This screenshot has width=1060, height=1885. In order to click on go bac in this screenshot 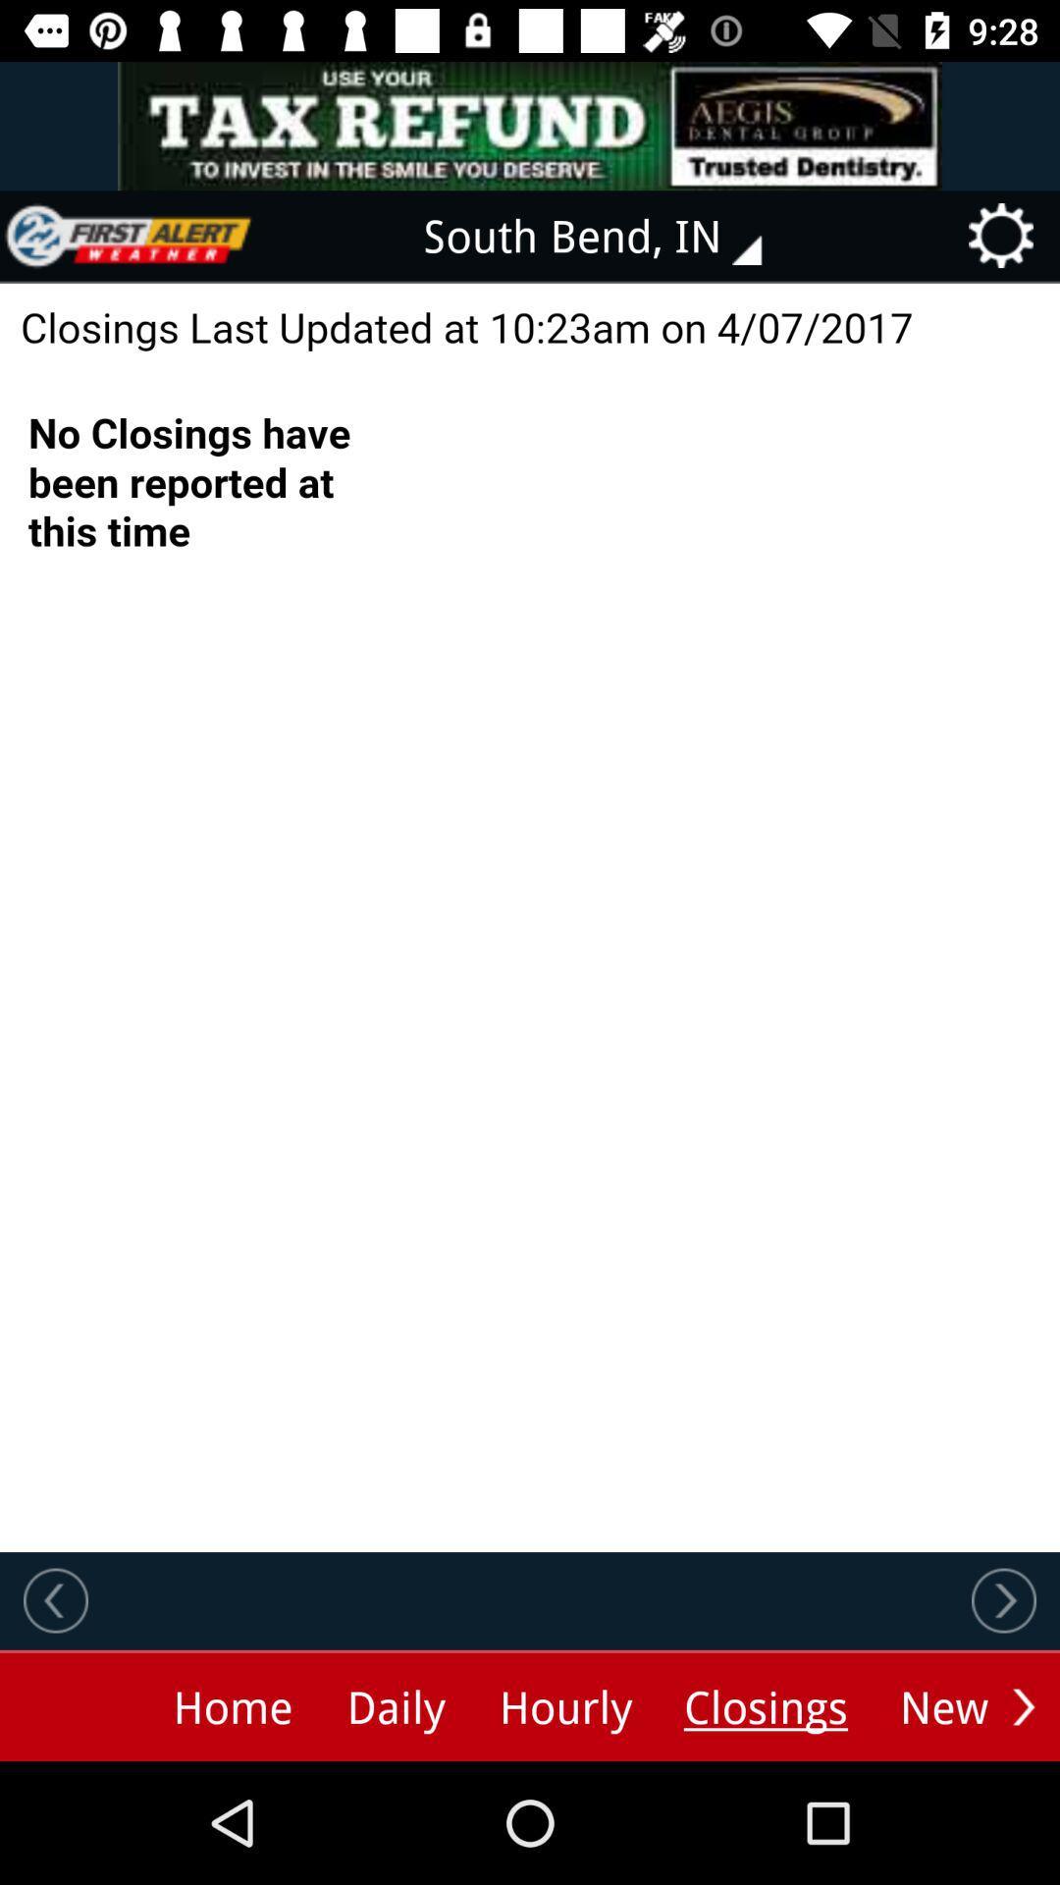, I will do `click(55, 1600)`.